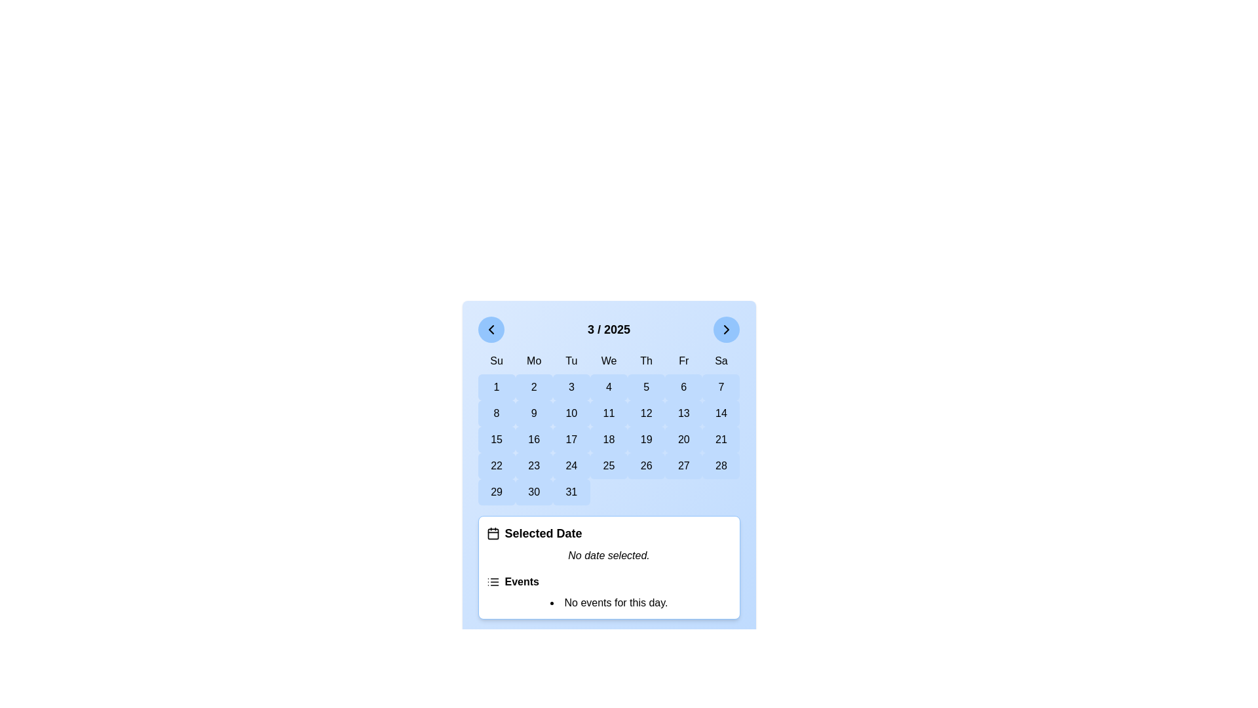  What do you see at coordinates (720, 414) in the screenshot?
I see `the square button displaying '14' with a light blue background, located` at bounding box center [720, 414].